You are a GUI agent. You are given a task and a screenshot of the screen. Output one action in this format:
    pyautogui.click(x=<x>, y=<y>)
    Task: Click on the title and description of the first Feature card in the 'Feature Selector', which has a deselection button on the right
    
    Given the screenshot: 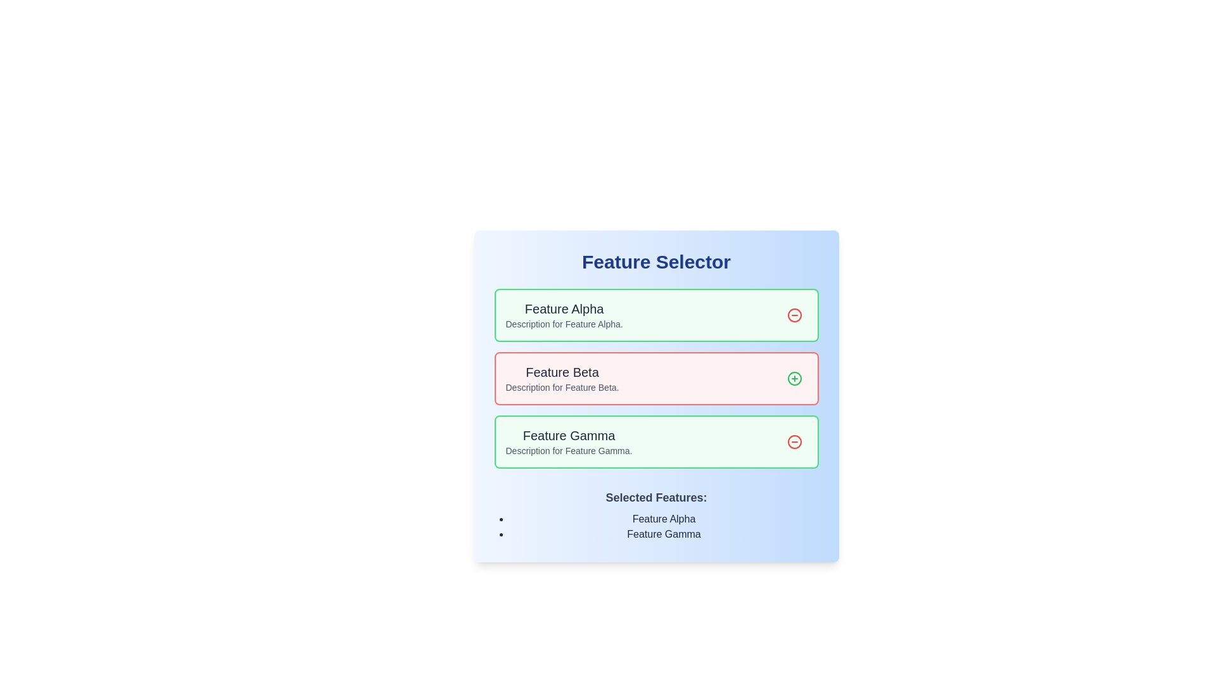 What is the action you would take?
    pyautogui.click(x=656, y=314)
    